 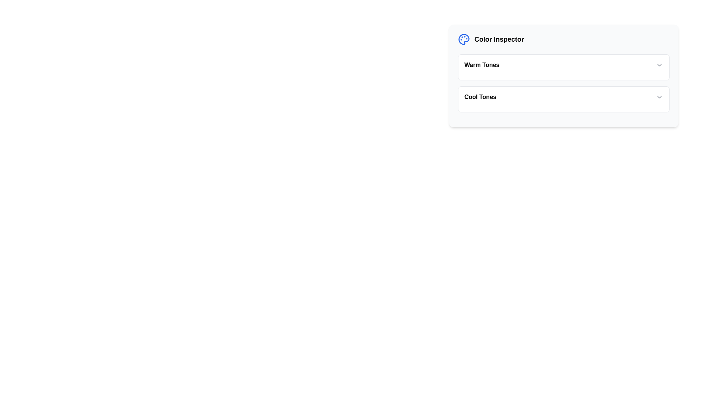 I want to click on the dropdown toggle arrow icon located to the right of the 'Warm Tones' text for visual feedback, so click(x=660, y=64).